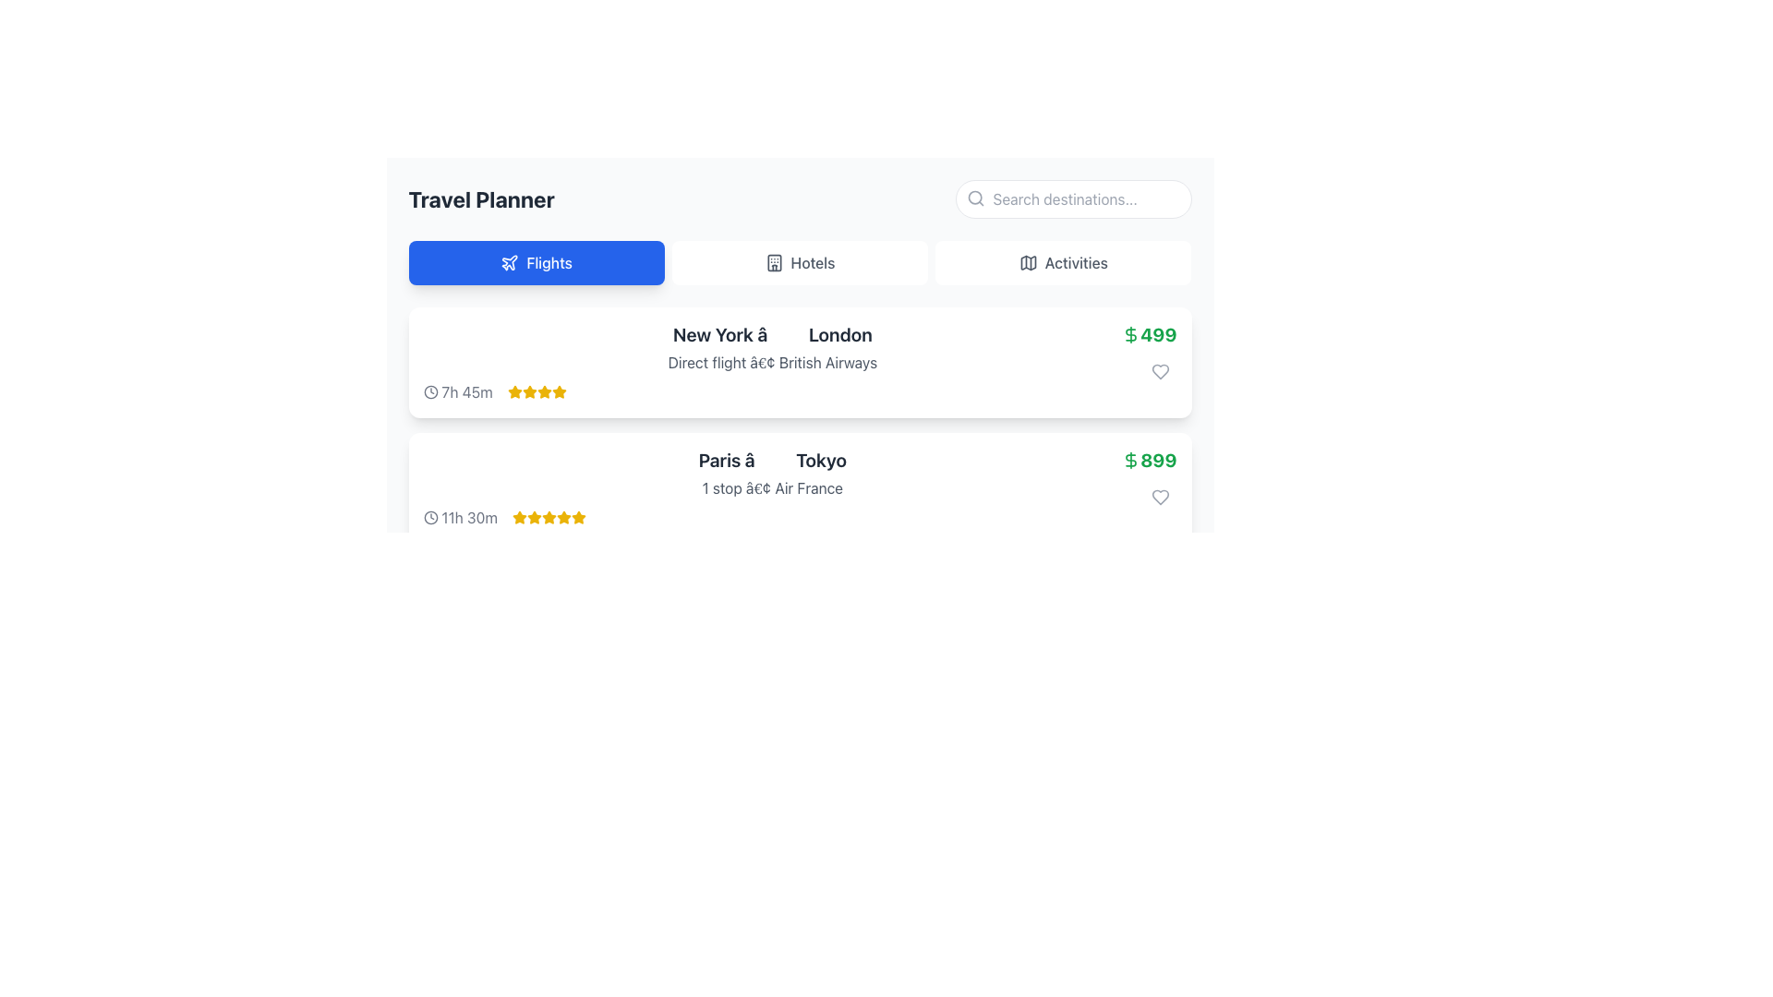 The width and height of the screenshot is (1773, 997). What do you see at coordinates (481, 199) in the screenshot?
I see `the title 'Travel Planner', which is the main heading of the interface located at the top-left side` at bounding box center [481, 199].